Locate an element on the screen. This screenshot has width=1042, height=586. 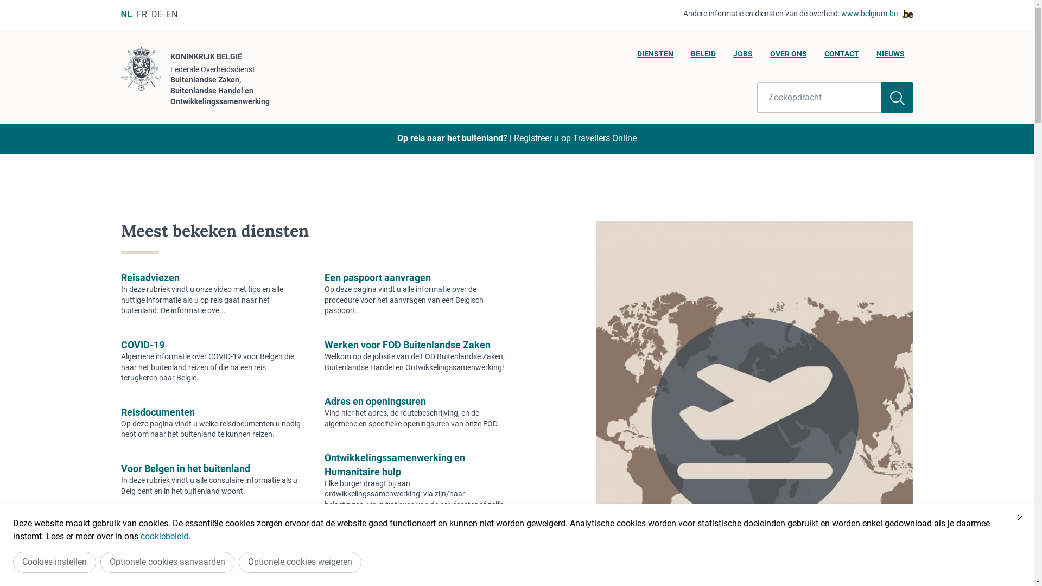
'cookiebeleid' is located at coordinates (163, 536).